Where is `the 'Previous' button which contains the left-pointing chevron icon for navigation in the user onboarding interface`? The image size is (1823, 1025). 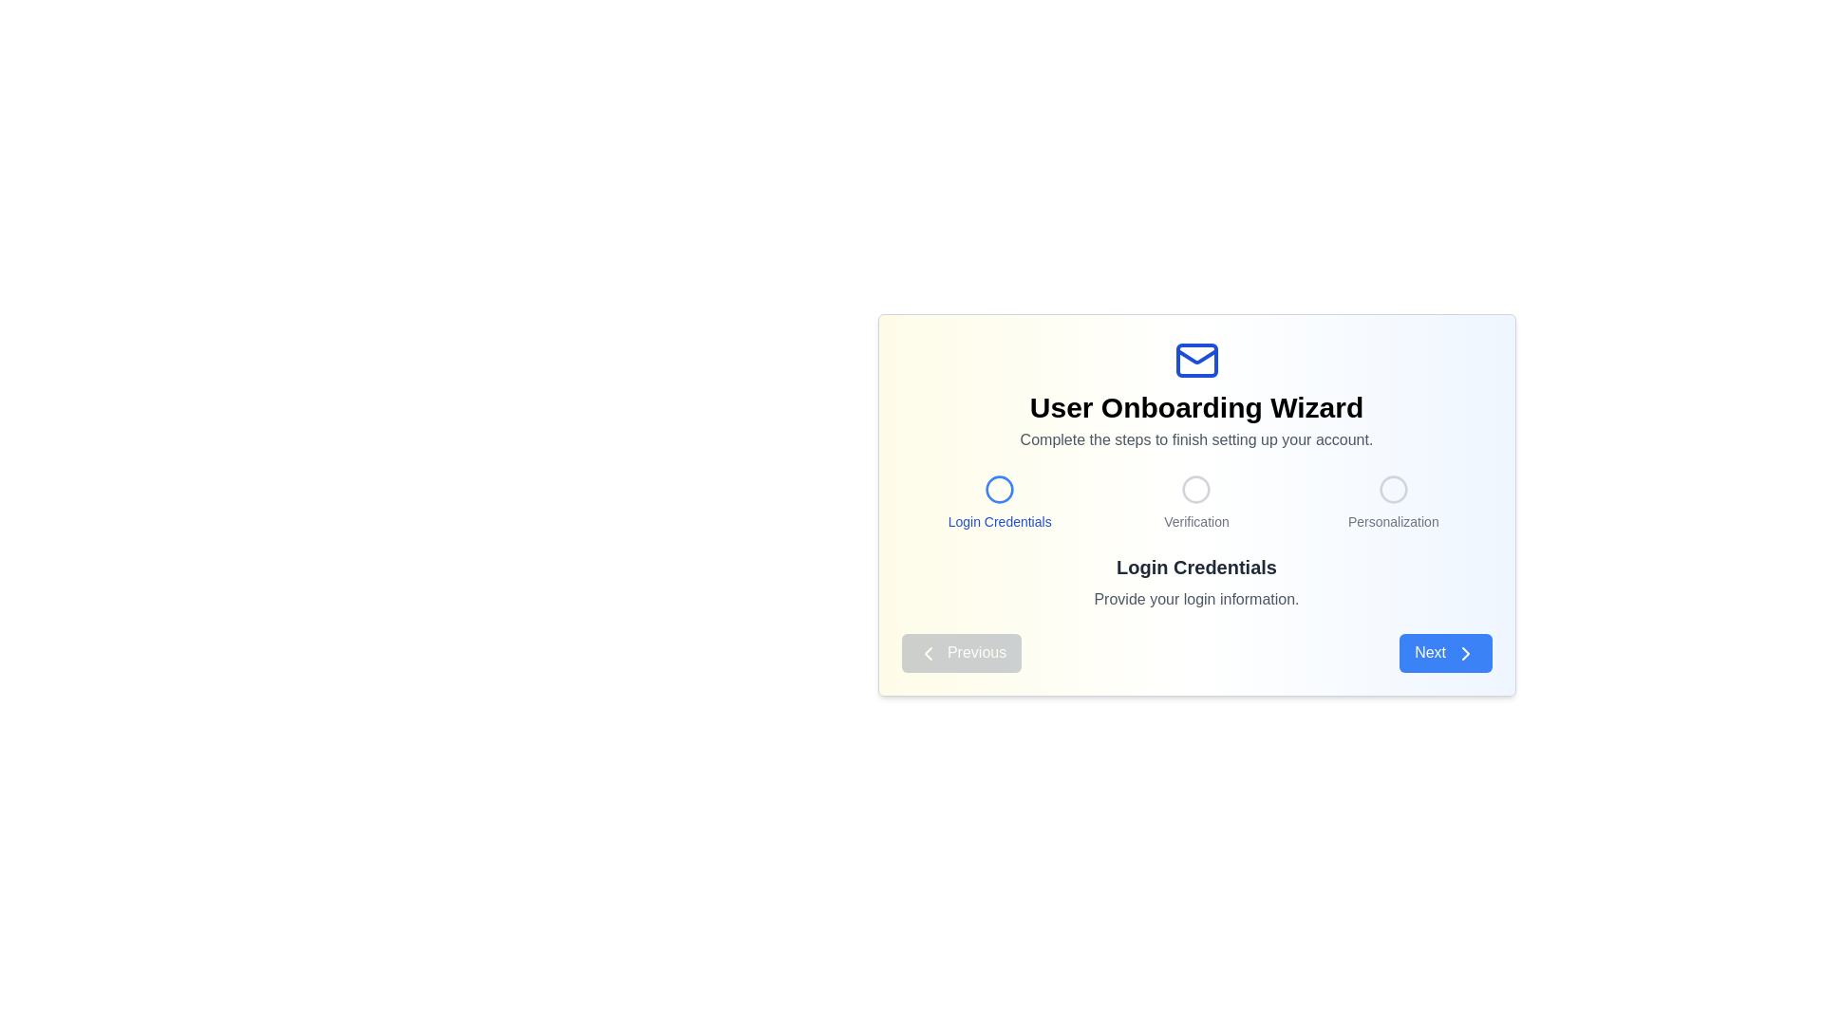 the 'Previous' button which contains the left-pointing chevron icon for navigation in the user onboarding interface is located at coordinates (928, 652).